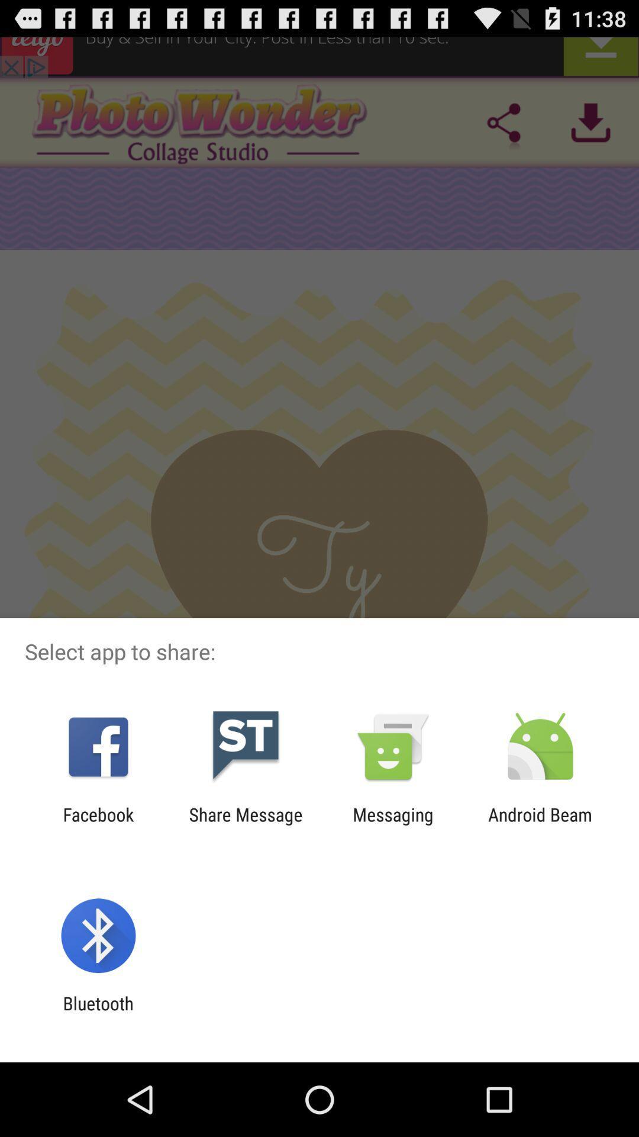 This screenshot has height=1137, width=639. I want to click on the messaging item, so click(393, 824).